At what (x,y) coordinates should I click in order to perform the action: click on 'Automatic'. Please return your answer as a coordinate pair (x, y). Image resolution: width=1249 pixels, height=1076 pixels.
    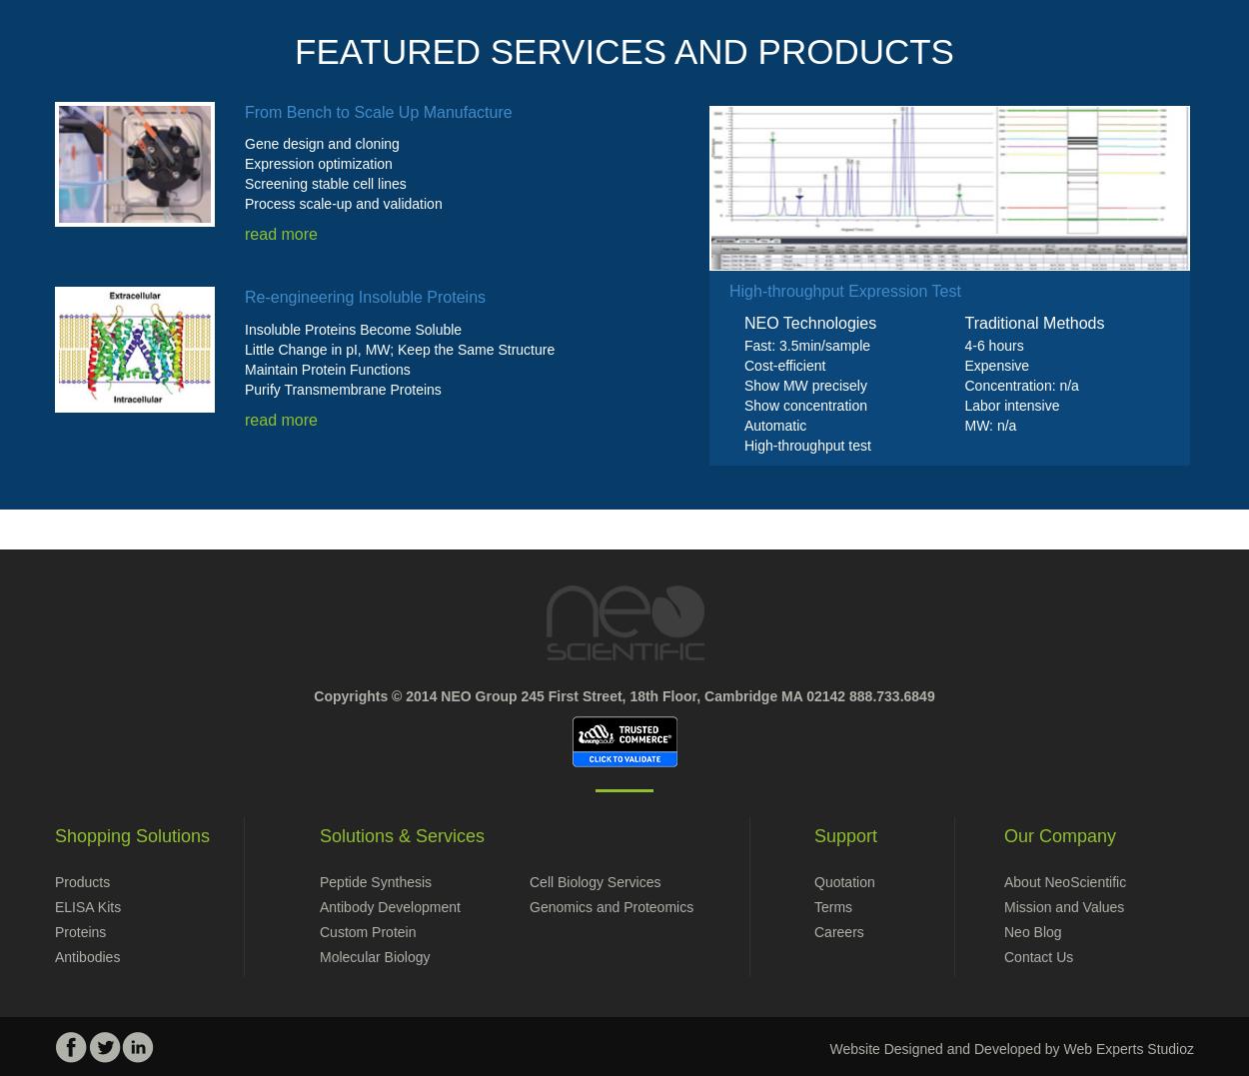
    Looking at the image, I should click on (775, 424).